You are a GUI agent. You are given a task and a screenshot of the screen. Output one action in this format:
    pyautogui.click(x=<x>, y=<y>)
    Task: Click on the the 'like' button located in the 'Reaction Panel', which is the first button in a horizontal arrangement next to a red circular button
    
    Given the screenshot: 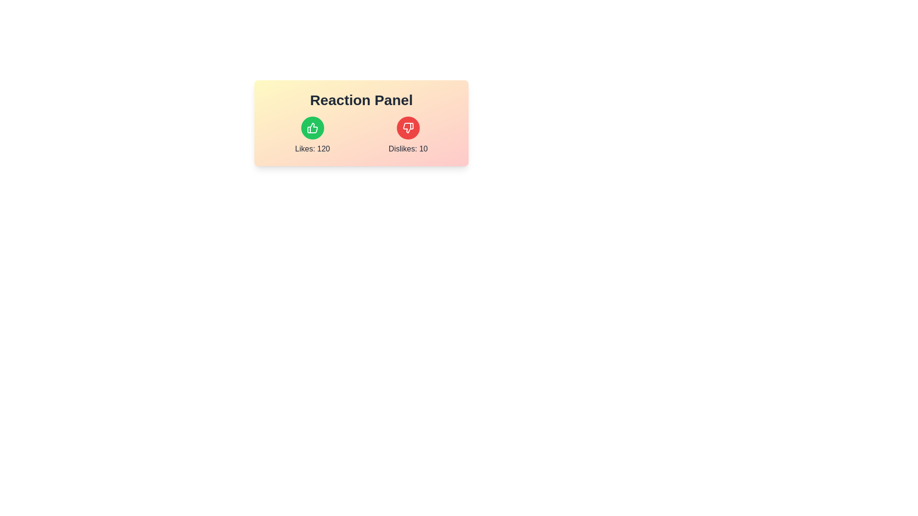 What is the action you would take?
    pyautogui.click(x=312, y=127)
    